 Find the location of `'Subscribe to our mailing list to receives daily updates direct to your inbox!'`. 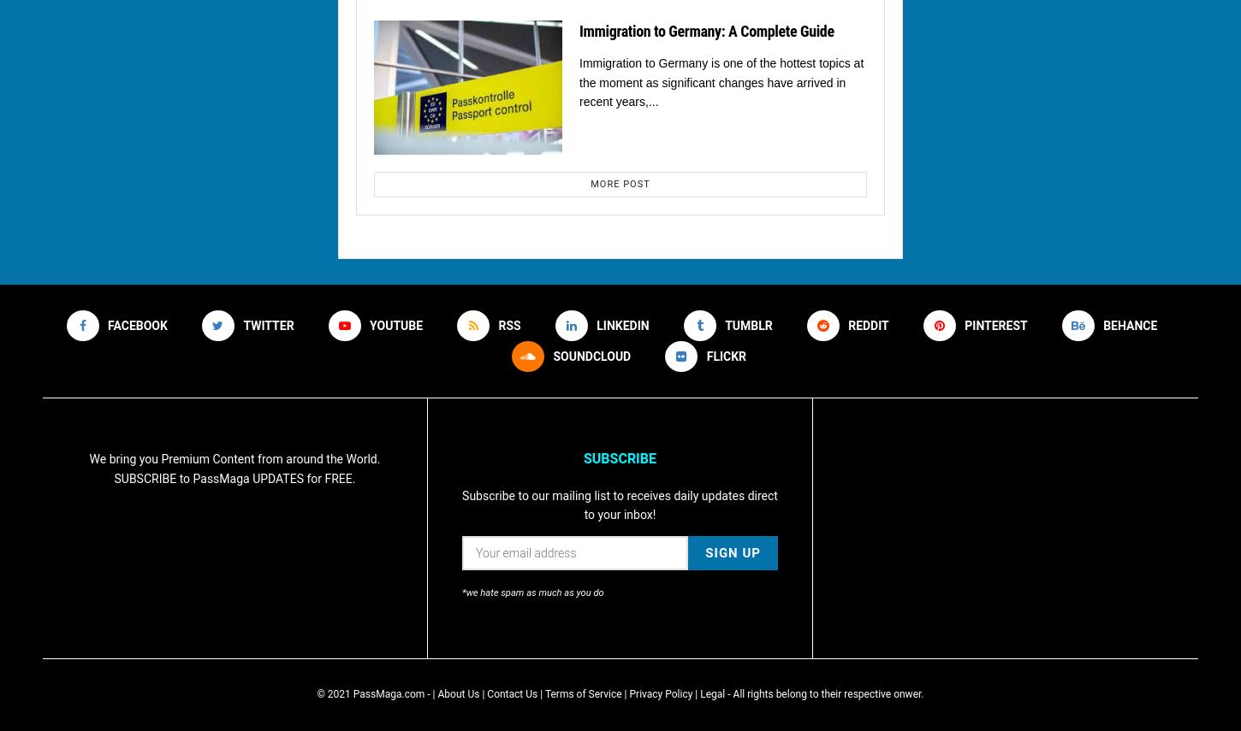

'Subscribe to our mailing list to receives daily updates direct to your inbox!' is located at coordinates (618, 504).